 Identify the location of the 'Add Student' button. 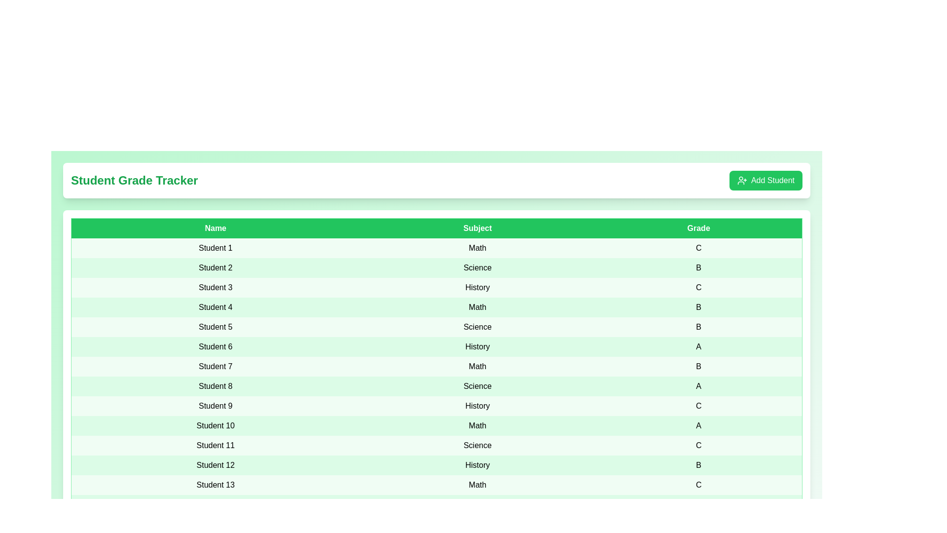
(765, 181).